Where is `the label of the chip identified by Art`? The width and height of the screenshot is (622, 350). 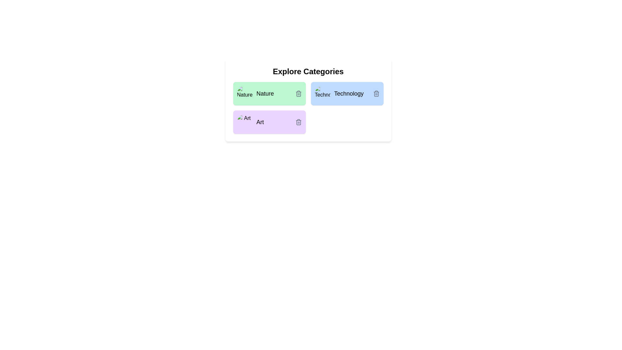
the label of the chip identified by Art is located at coordinates (260, 122).